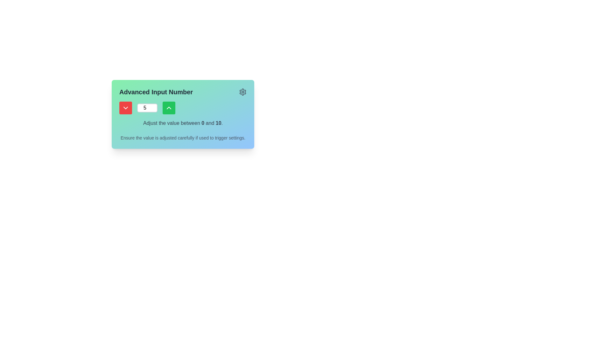 The width and height of the screenshot is (611, 344). I want to click on the button with the chevron-up icon located to the right of the value input field in the 'Advanced Input Number' component to increase the displayed numeric value by one unit, so click(169, 108).